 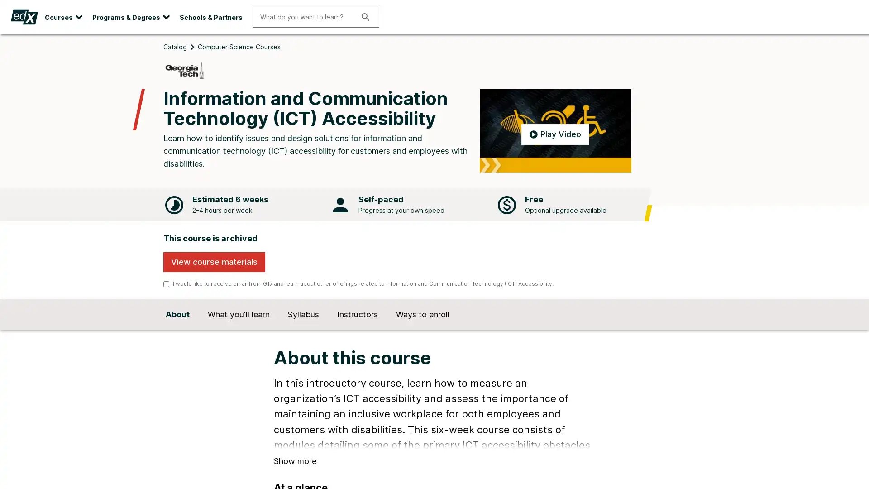 I want to click on Instructors, so click(x=357, y=330).